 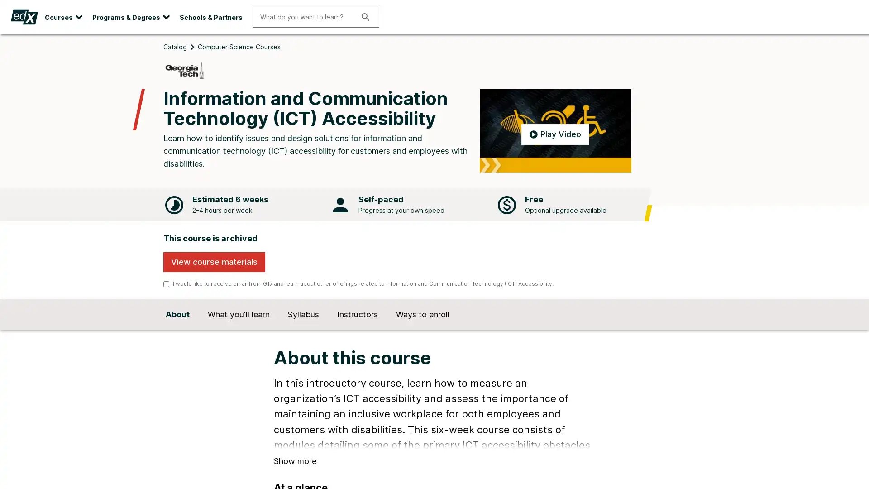 I want to click on Instructors, so click(x=357, y=330).